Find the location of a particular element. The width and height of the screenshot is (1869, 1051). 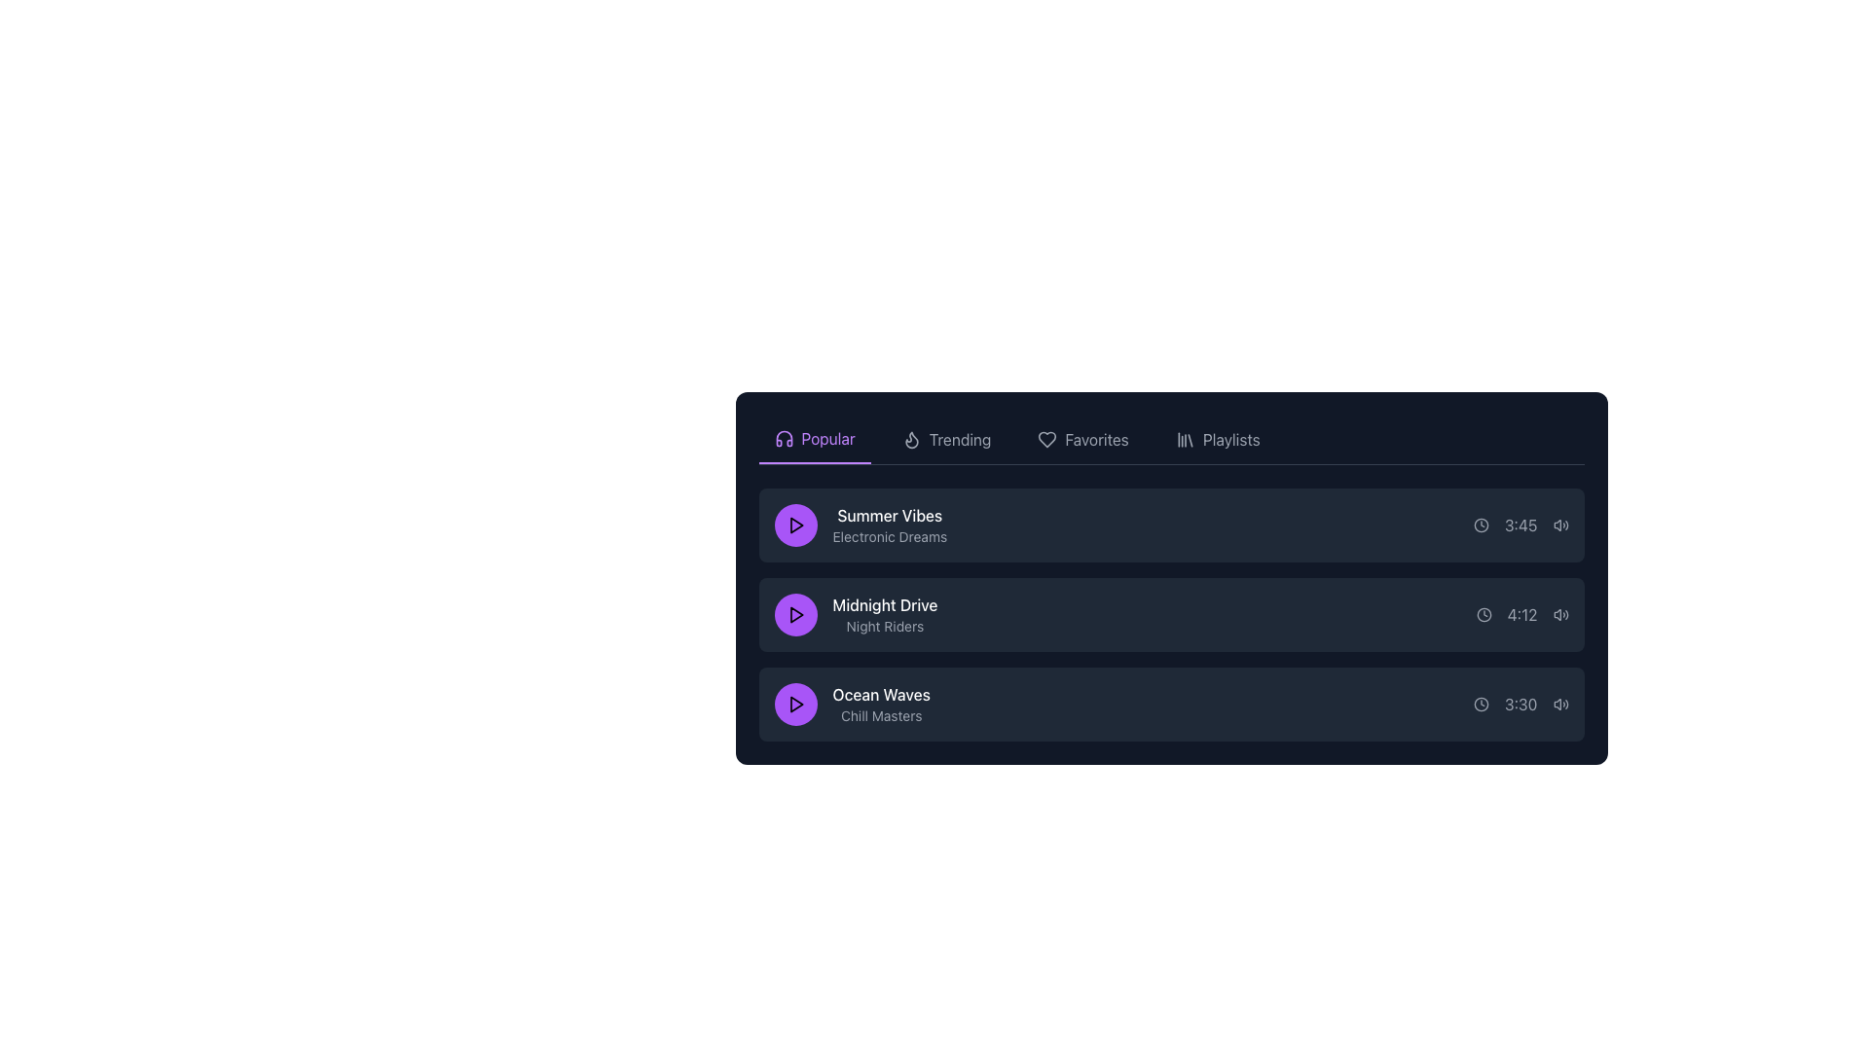

text label of the music track positioned in the second row of the playlist, which is located to the right of the play button icon is located at coordinates (884, 603).